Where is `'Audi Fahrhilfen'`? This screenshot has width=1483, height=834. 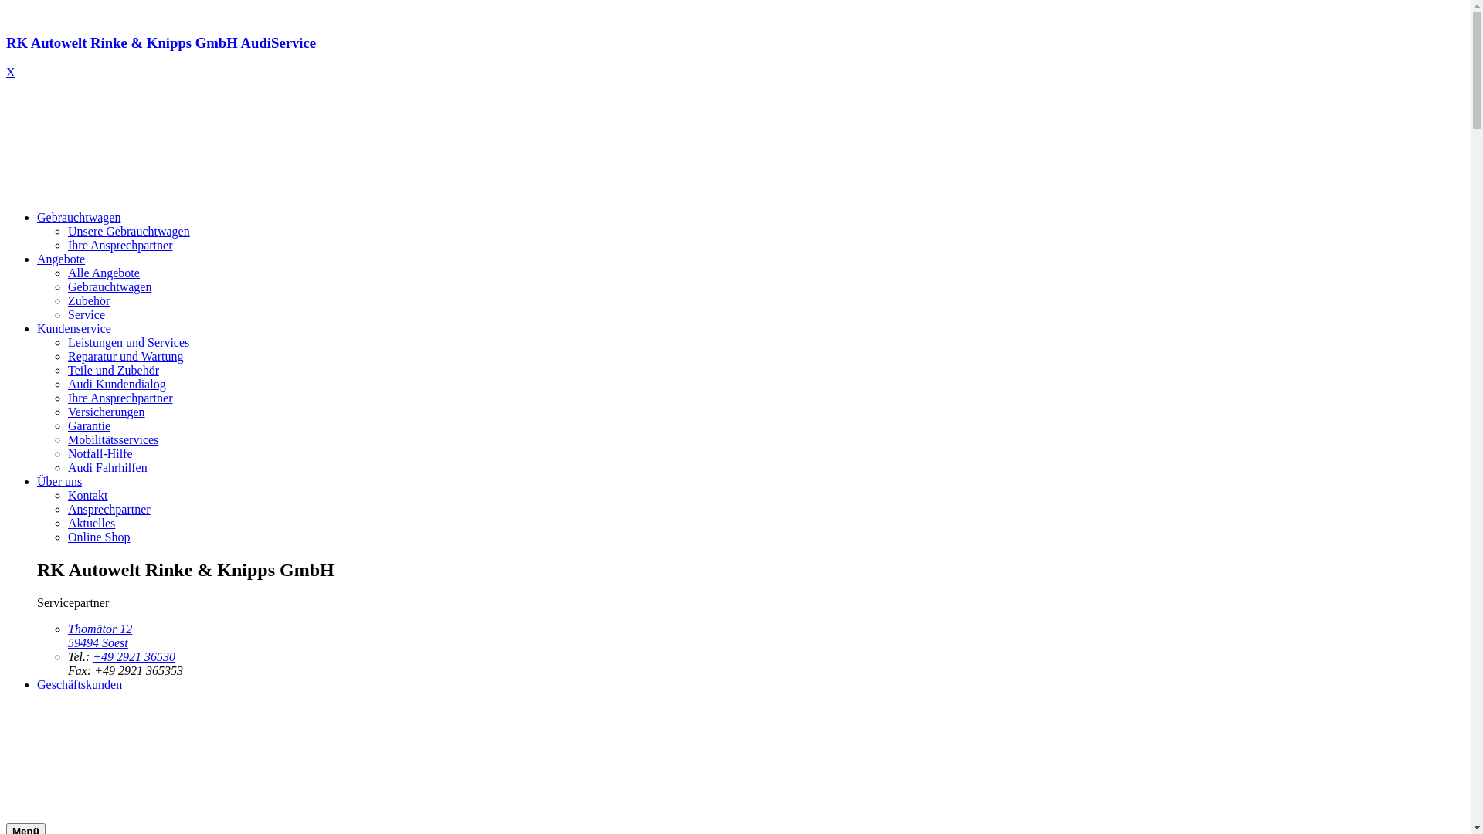 'Audi Fahrhilfen' is located at coordinates (107, 466).